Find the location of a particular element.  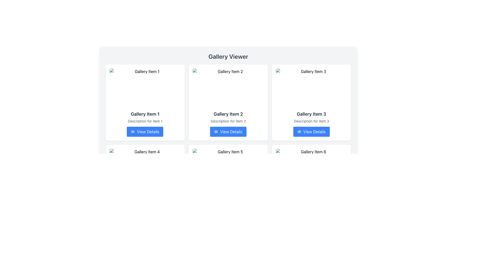

the Text Label that serves as the title for the gallery section, indicating the content below pertains to a gallery viewer is located at coordinates (228, 56).